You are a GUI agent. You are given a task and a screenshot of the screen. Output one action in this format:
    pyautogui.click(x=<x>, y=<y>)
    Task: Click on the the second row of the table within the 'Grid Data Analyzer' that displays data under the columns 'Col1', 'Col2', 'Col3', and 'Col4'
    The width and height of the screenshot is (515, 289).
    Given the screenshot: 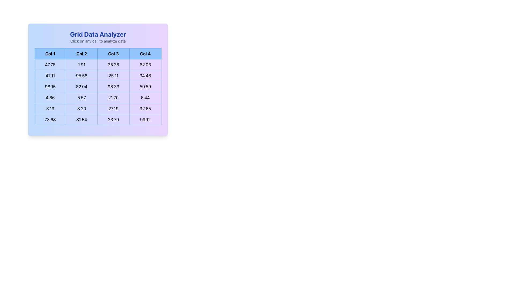 What is the action you would take?
    pyautogui.click(x=98, y=75)
    